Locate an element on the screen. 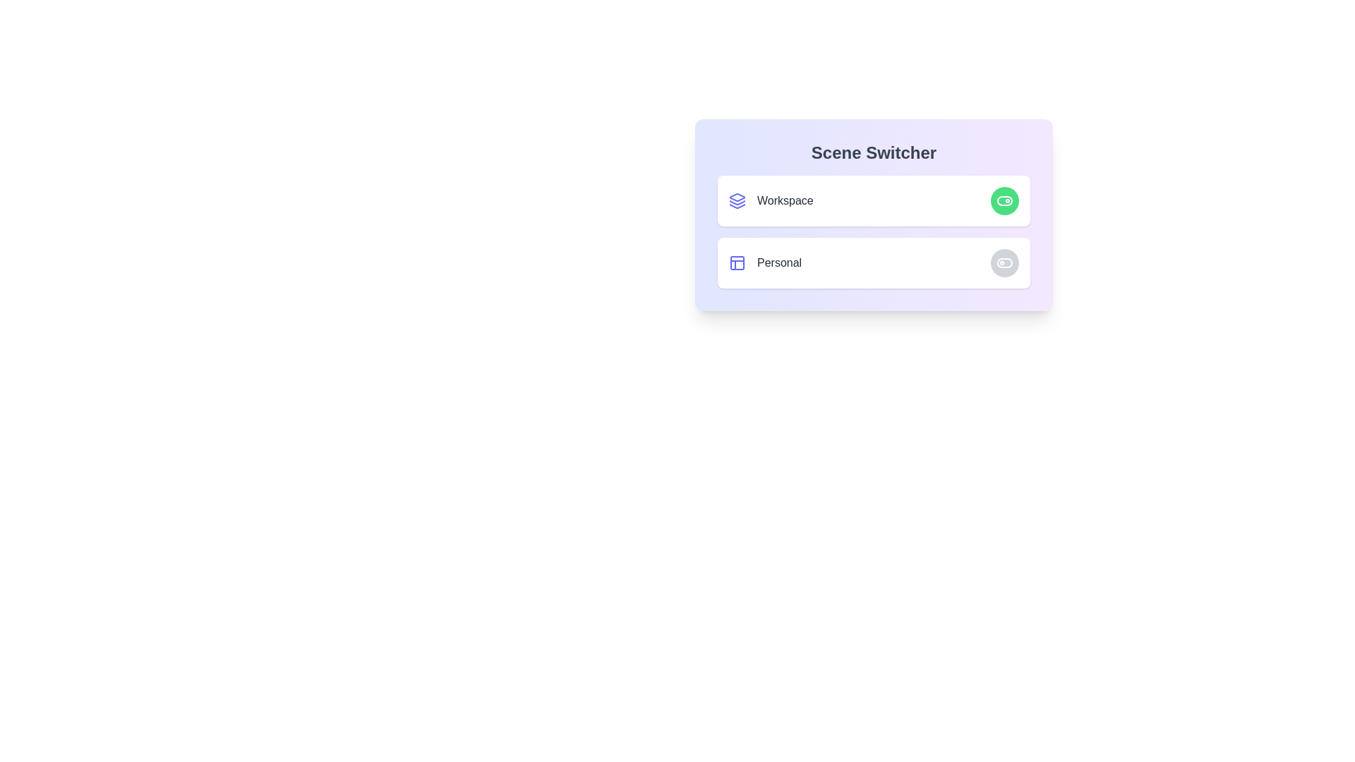 The height and width of the screenshot is (762, 1355). text label that says 'Personal', which is styled in dark gray font, medium weight, and is located under the 'Scene Switcher' section, second in the list is located at coordinates (778, 263).